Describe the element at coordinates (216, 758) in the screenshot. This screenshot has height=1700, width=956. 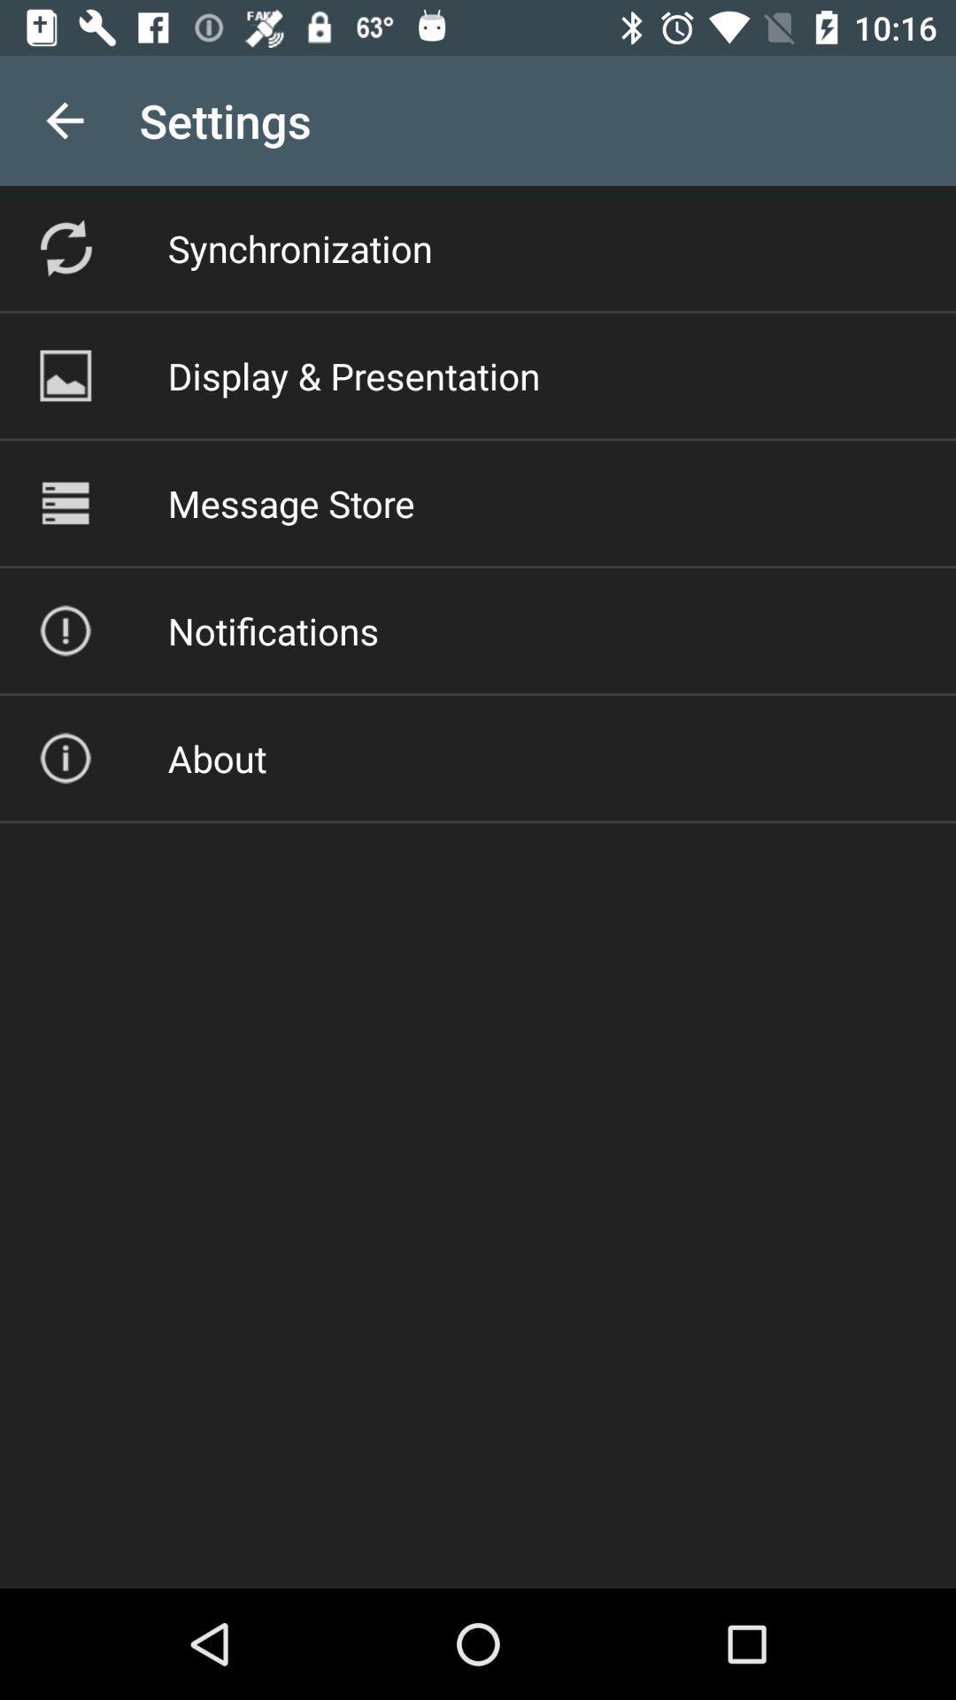
I see `item below notifications icon` at that location.